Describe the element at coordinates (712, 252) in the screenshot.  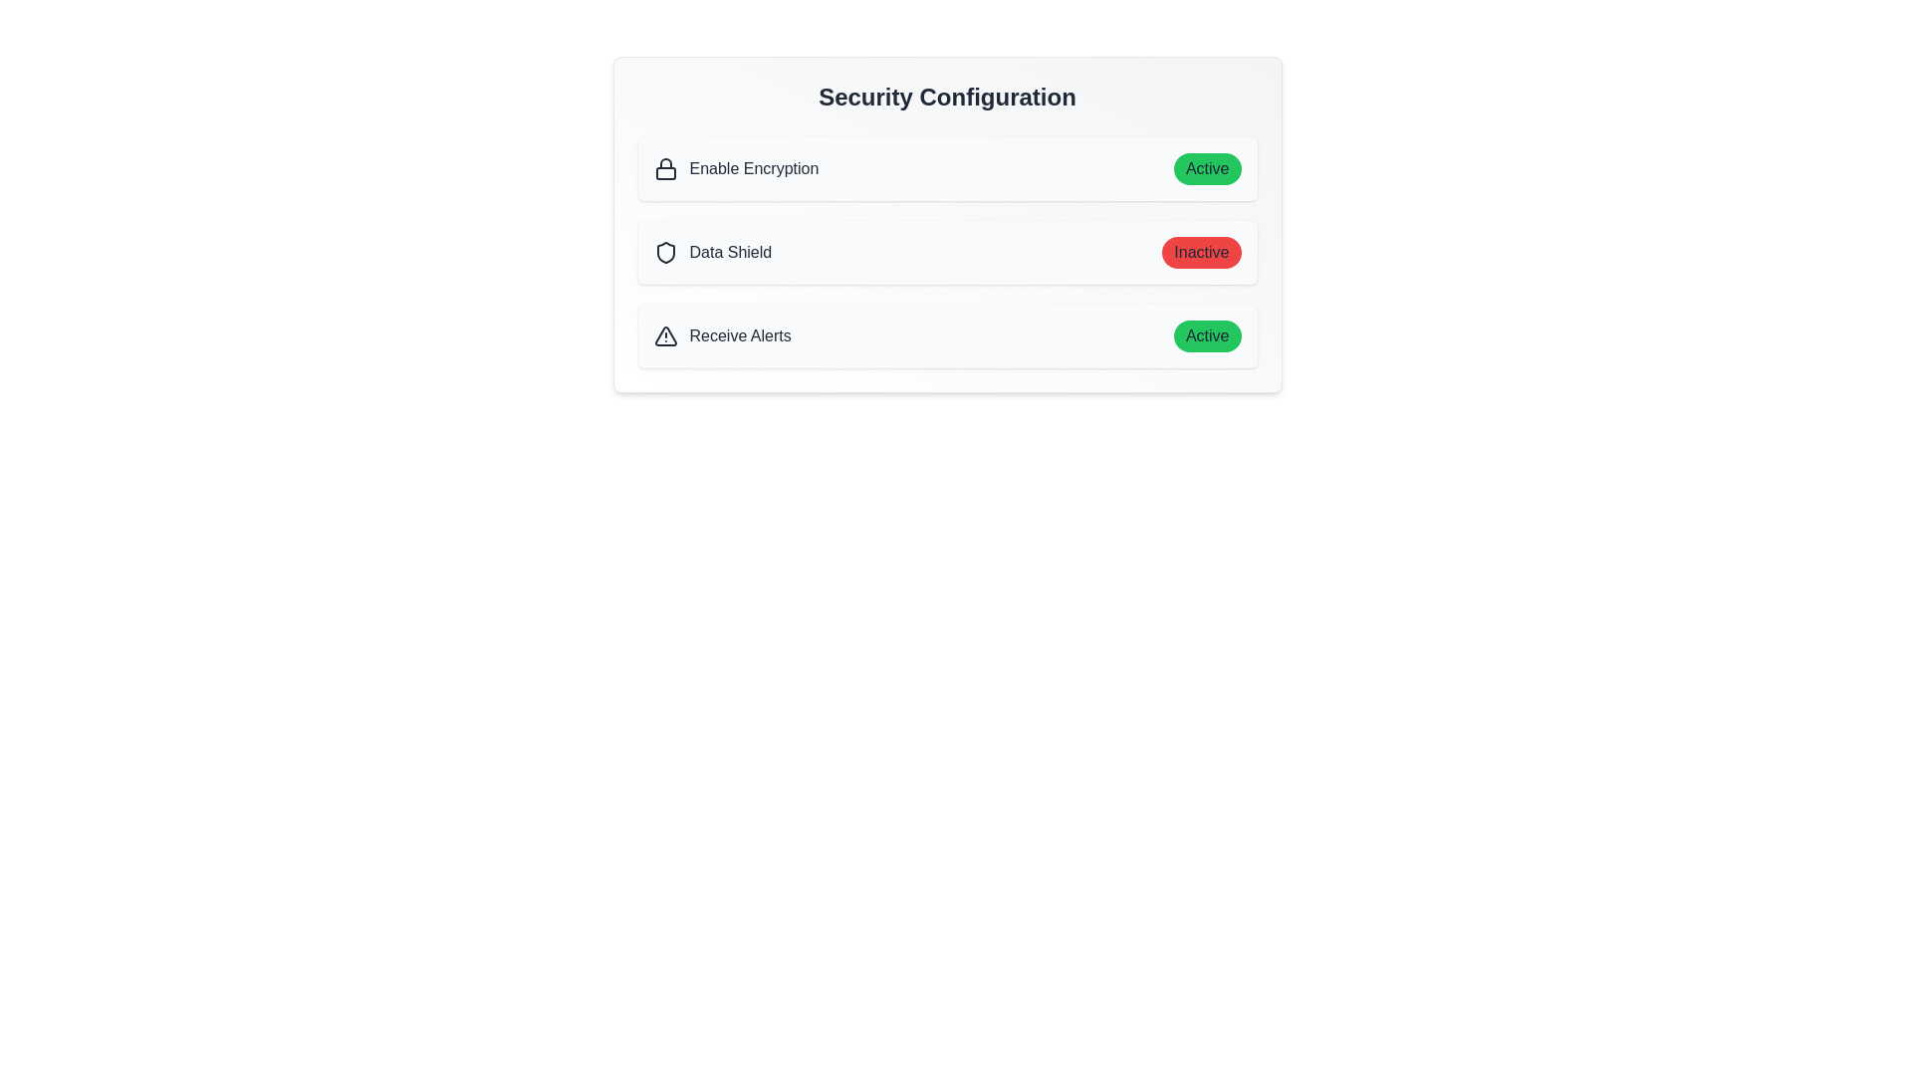
I see `the 'Data Shield' static label with icon located in the 'Security Configuration' card, positioned below 'Enable Encryption' and above 'Receive Alerts'` at that location.